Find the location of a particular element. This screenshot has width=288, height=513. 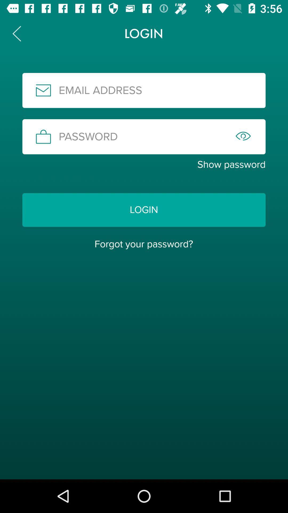

go back is located at coordinates (16, 33).